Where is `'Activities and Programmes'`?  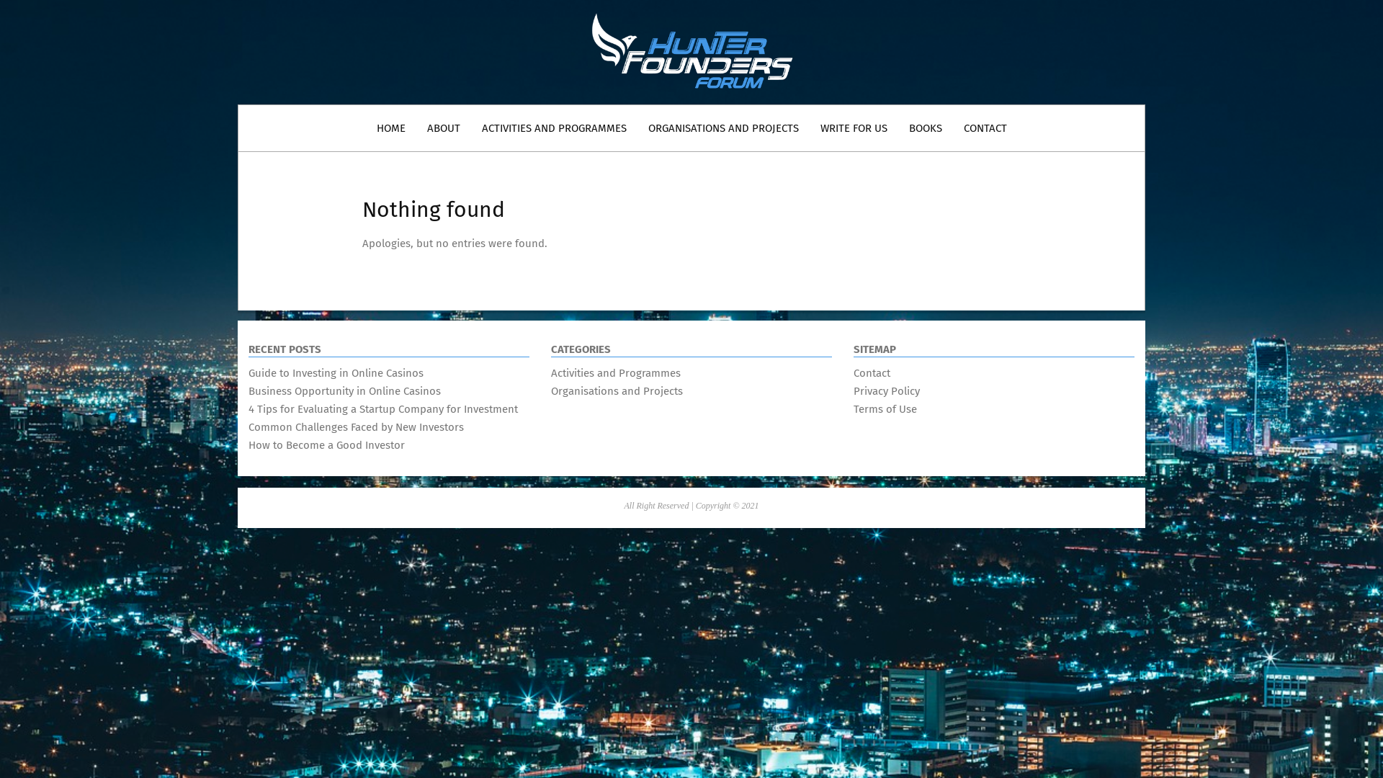 'Activities and Programmes' is located at coordinates (615, 372).